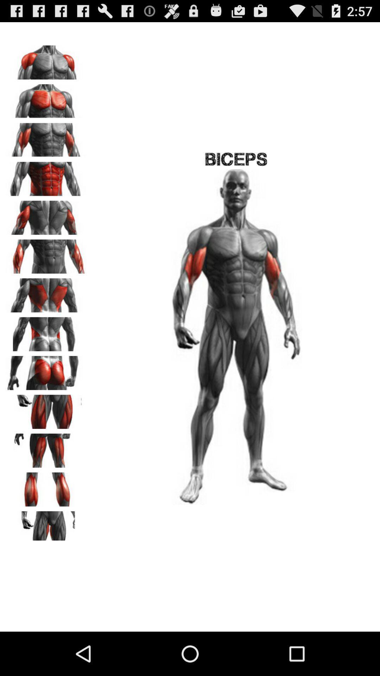 The height and width of the screenshot is (676, 380). Describe the element at coordinates (46, 105) in the screenshot. I see `the group icon` at that location.